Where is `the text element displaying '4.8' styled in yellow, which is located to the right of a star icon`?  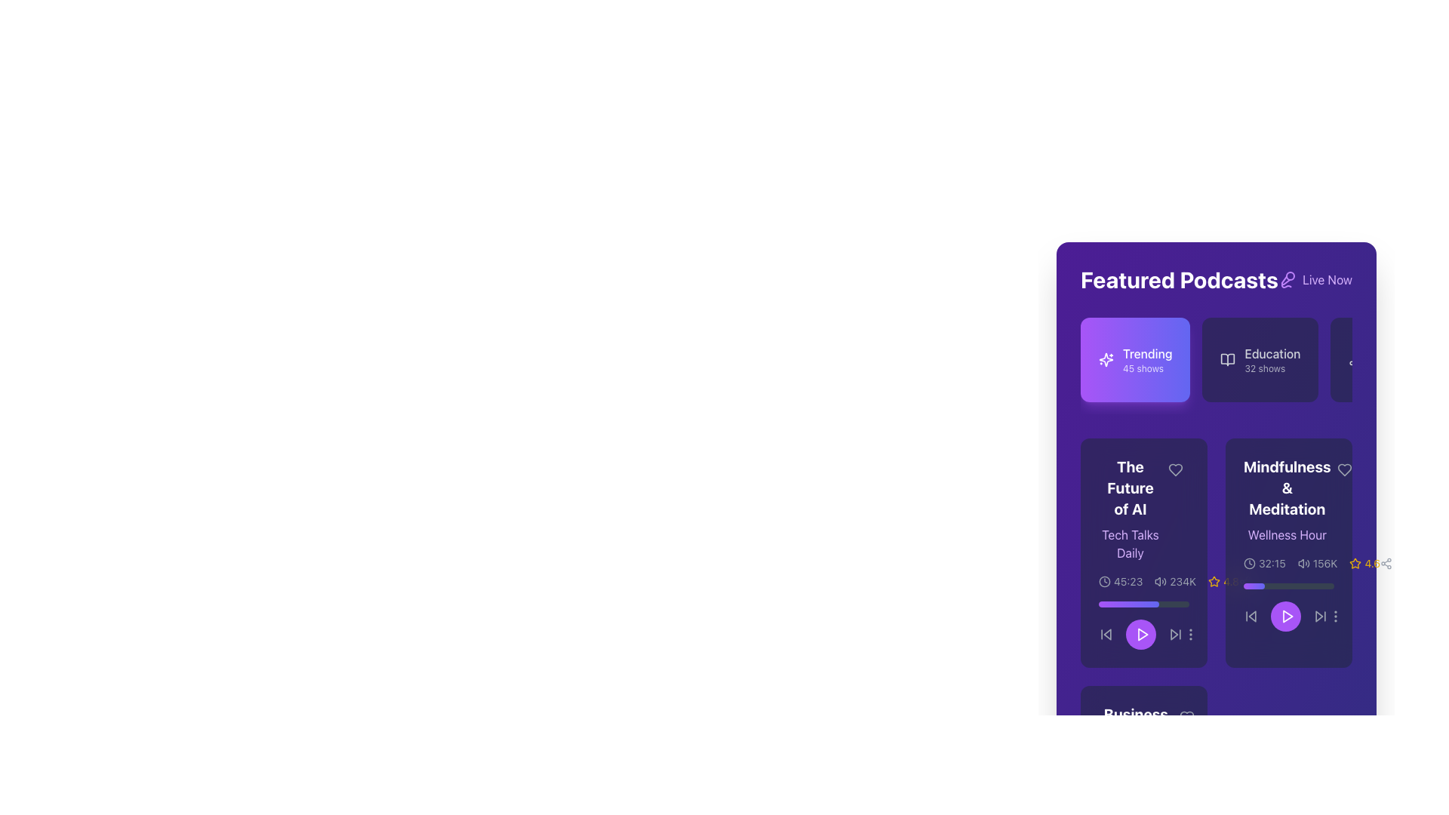 the text element displaying '4.8' styled in yellow, which is located to the right of a star icon is located at coordinates (1231, 581).